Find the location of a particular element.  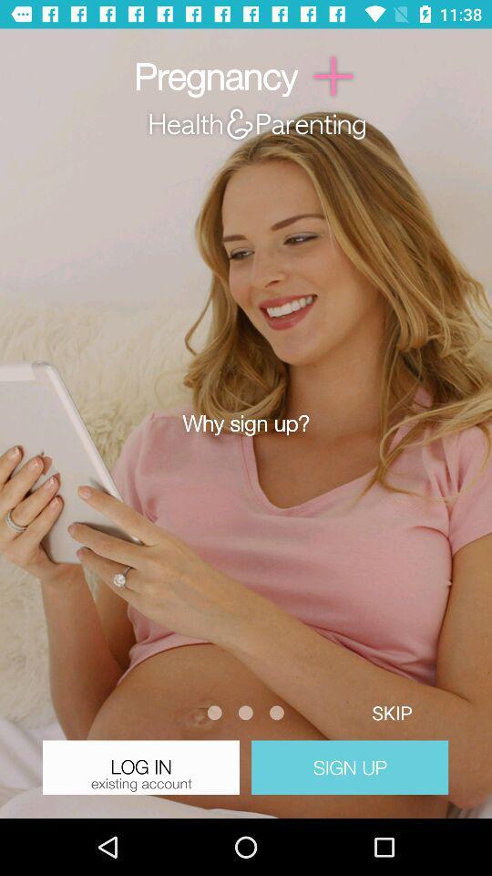

item below why sign up? is located at coordinates (391, 713).